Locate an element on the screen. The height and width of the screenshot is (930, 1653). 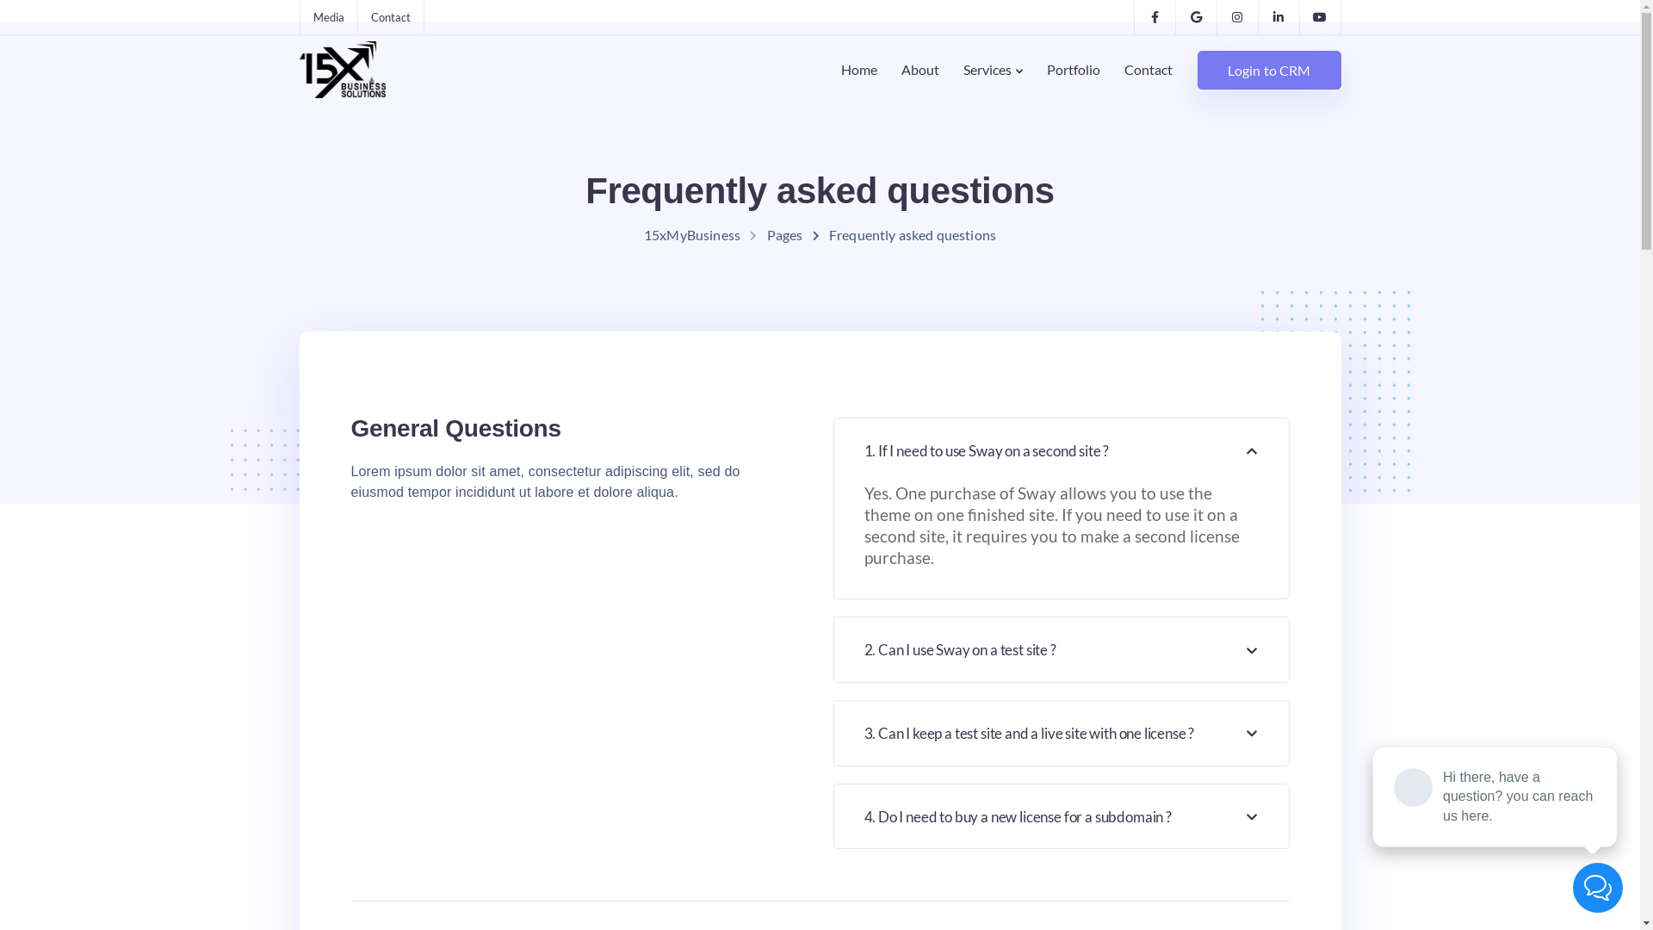
'Media' is located at coordinates (519, 559).